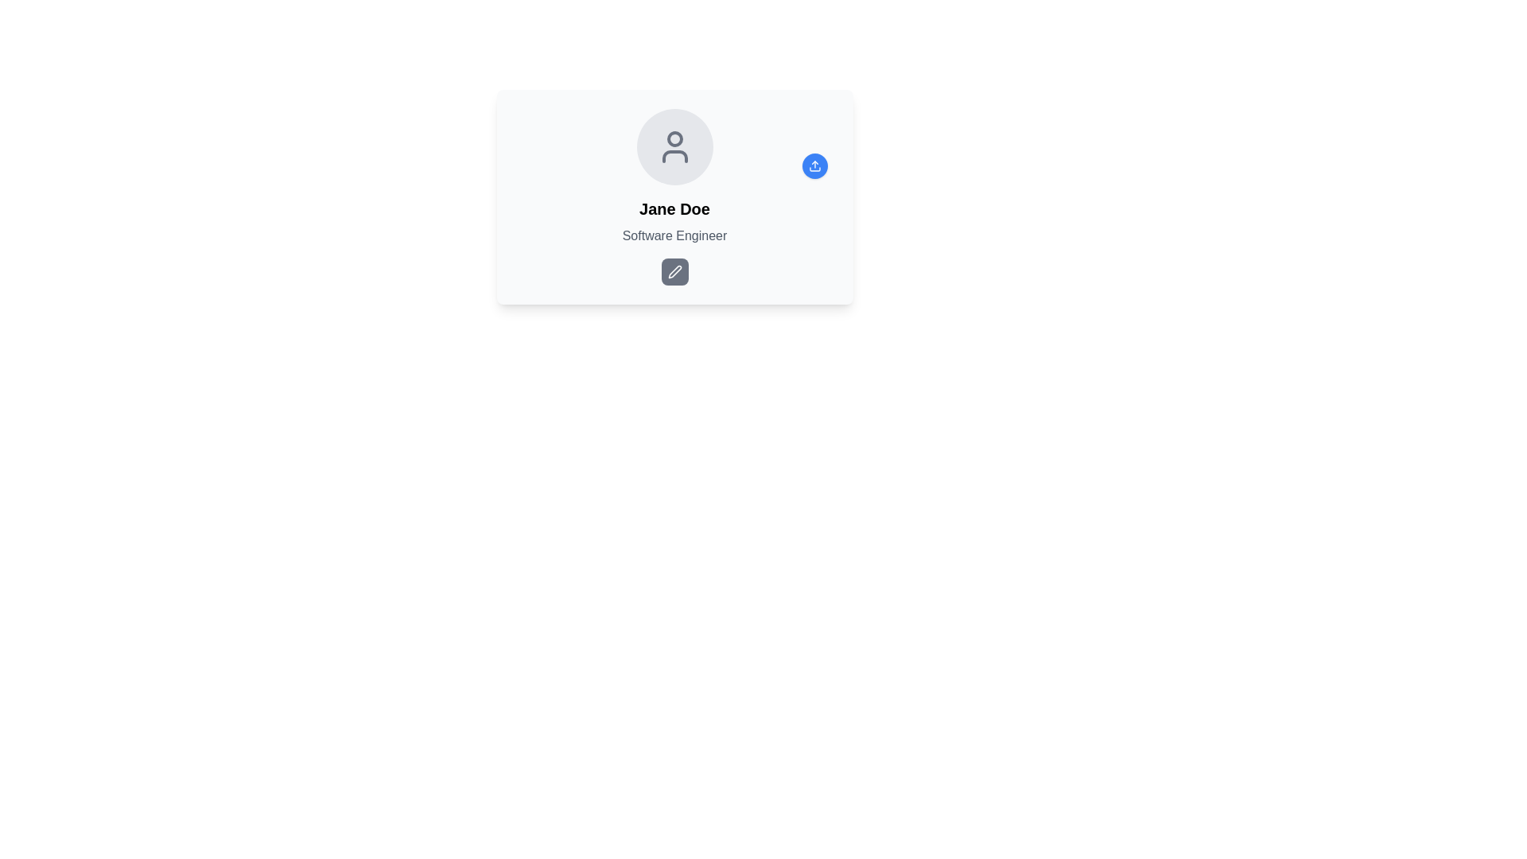 This screenshot has width=1527, height=859. What do you see at coordinates (674, 271) in the screenshot?
I see `the edit icon button located at the bottom center of the card displaying 'Jane Doe' and 'Software Engineer'` at bounding box center [674, 271].